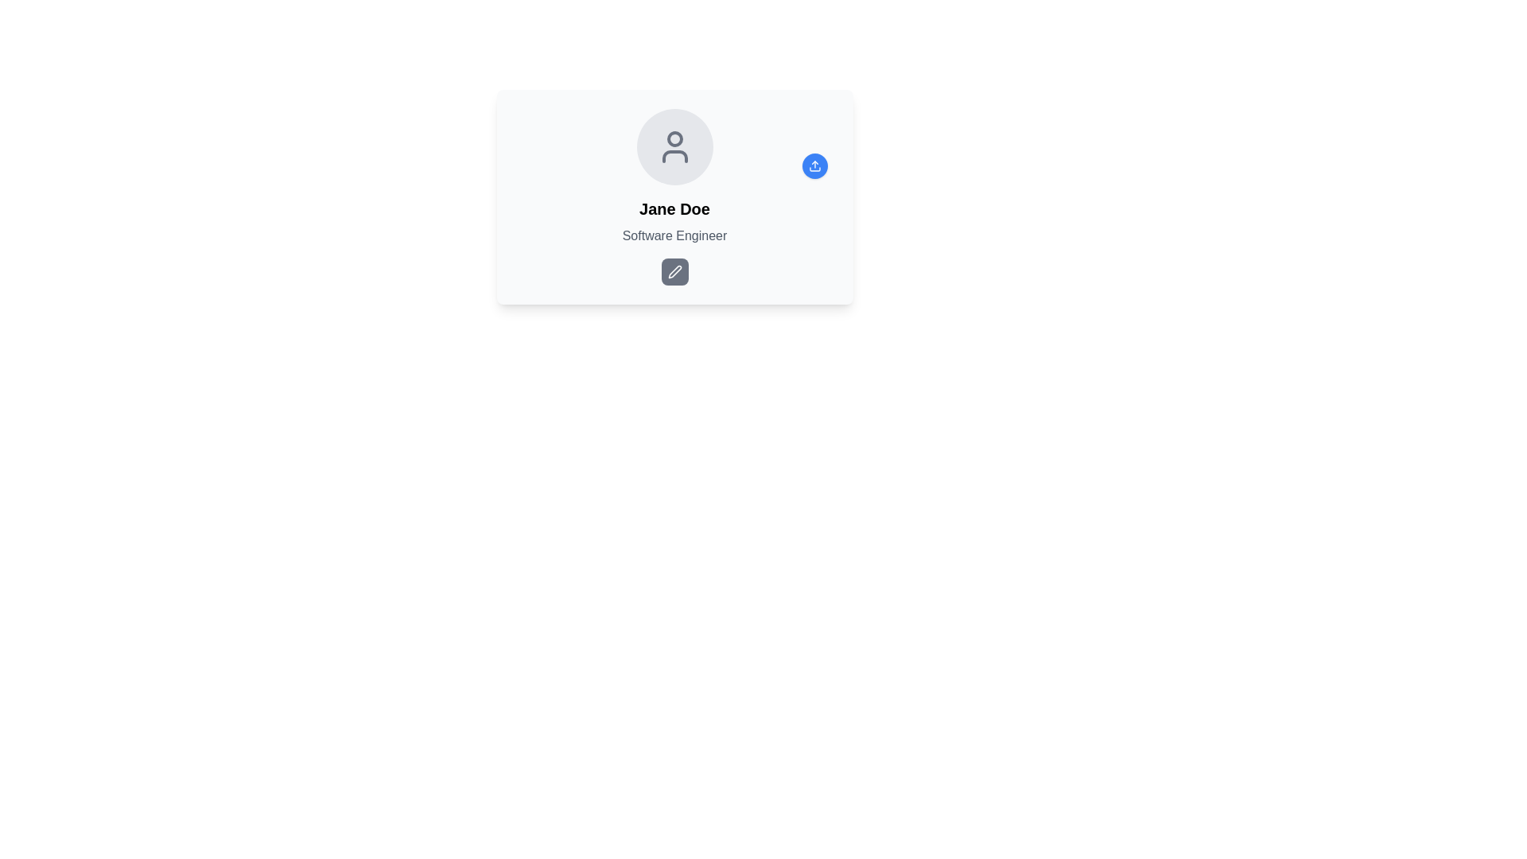 This screenshot has width=1527, height=859. What do you see at coordinates (674, 271) in the screenshot?
I see `the edit icon button located at the bottom center of the card displaying 'Jane Doe' and 'Software Engineer'` at bounding box center [674, 271].